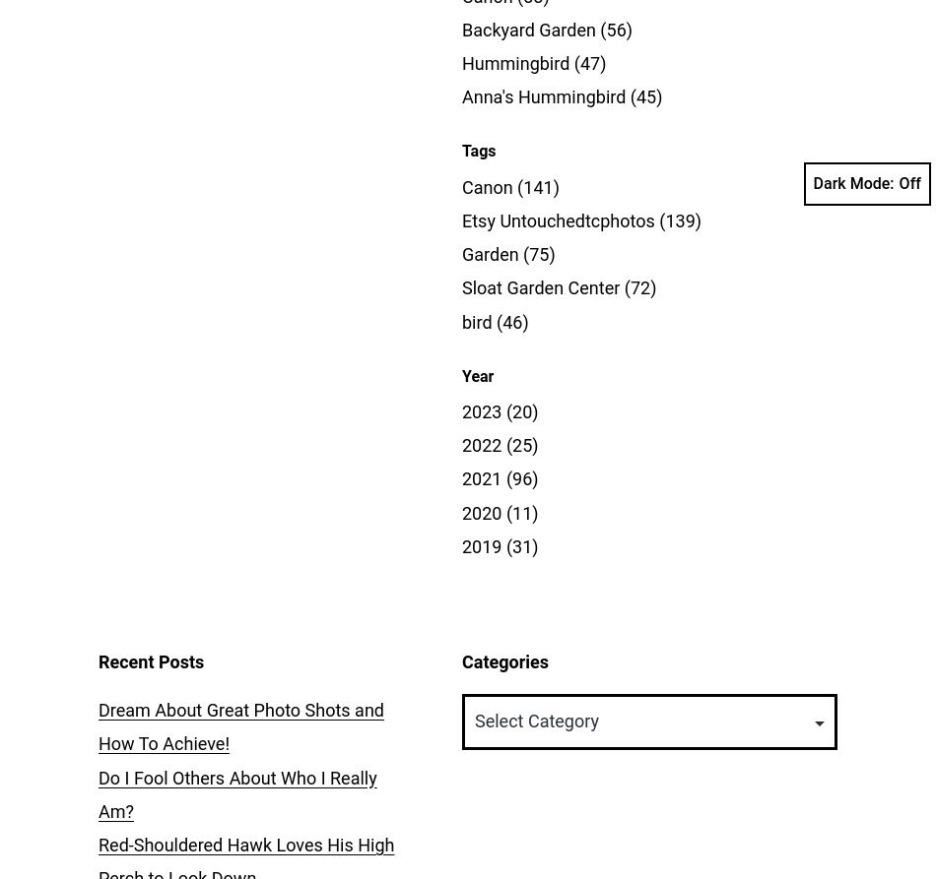 This screenshot has height=879, width=936. Describe the element at coordinates (510, 185) in the screenshot. I see `'Canon (141)'` at that location.